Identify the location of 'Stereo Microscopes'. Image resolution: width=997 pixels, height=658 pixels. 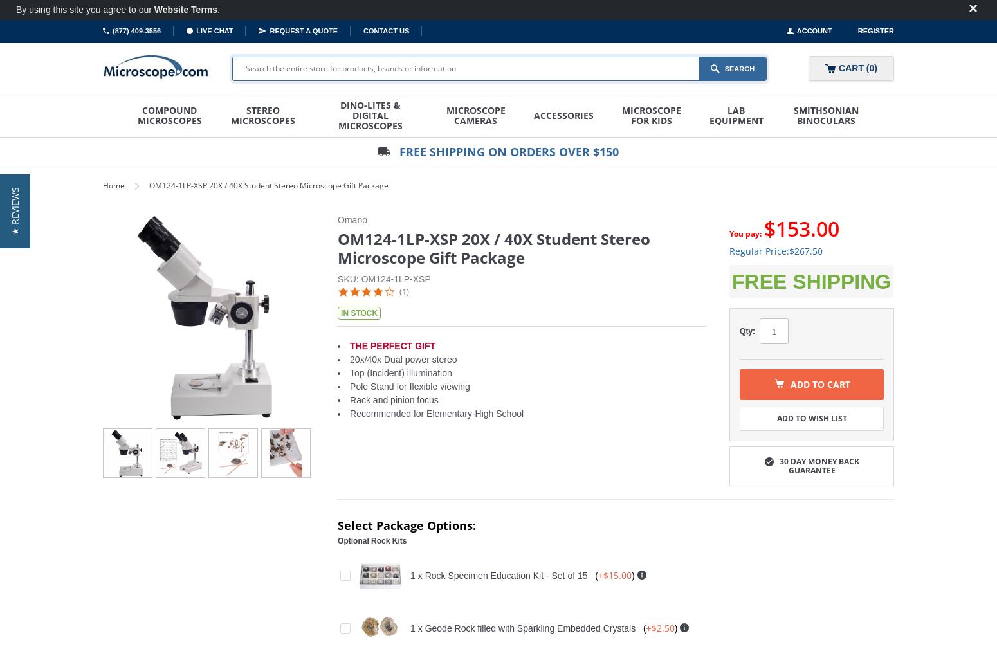
(263, 115).